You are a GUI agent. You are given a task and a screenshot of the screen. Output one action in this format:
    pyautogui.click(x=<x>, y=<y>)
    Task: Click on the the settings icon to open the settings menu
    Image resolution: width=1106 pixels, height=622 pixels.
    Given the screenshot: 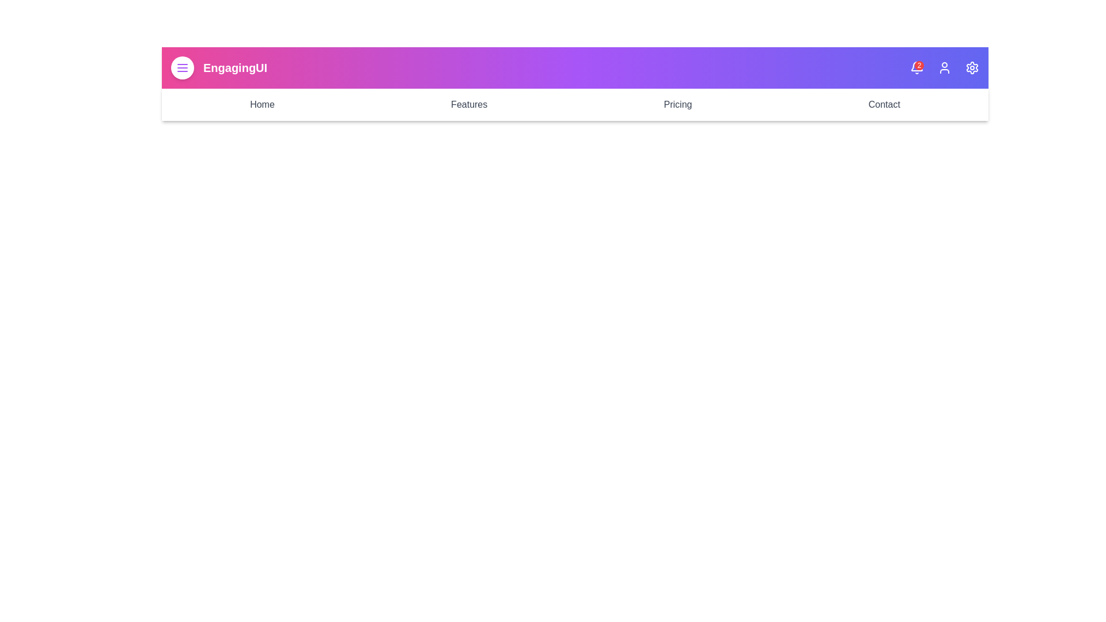 What is the action you would take?
    pyautogui.click(x=972, y=68)
    